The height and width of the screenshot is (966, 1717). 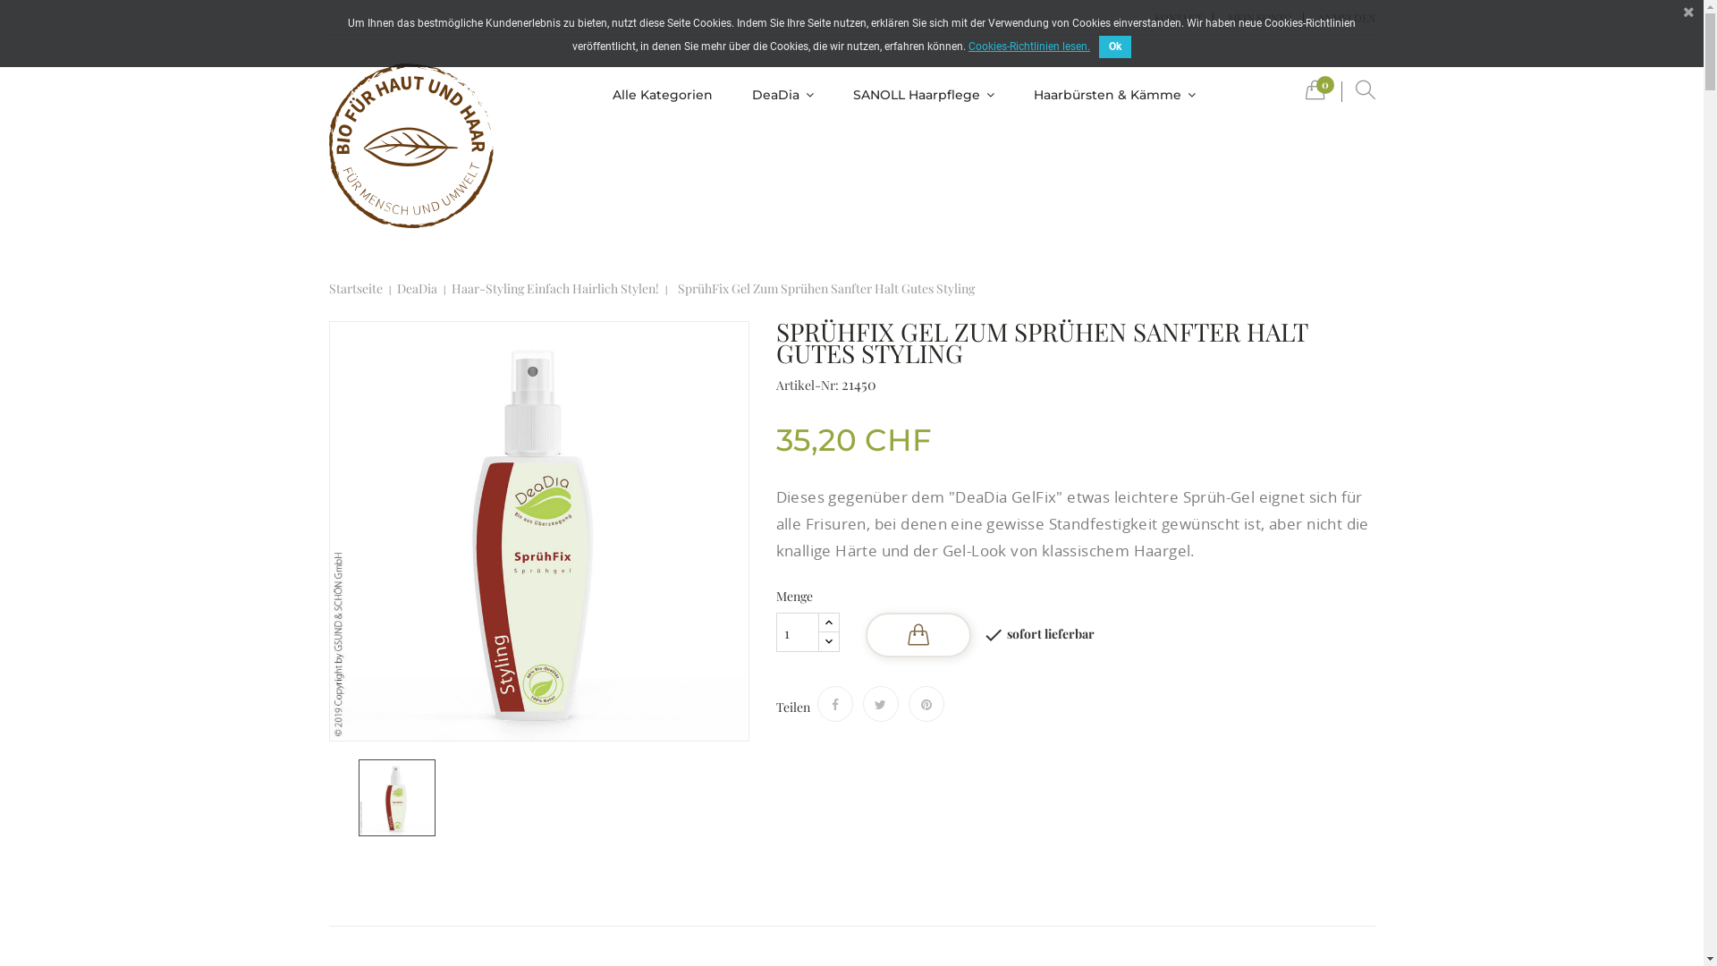 I want to click on 'MEIN KONTO', so click(x=1215, y=18).